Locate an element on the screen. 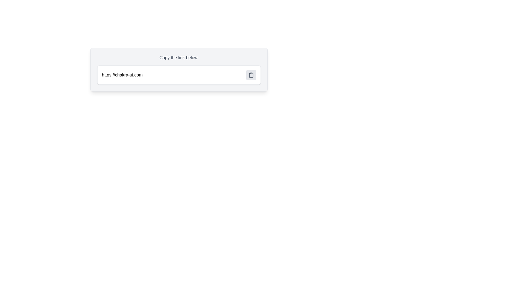 The width and height of the screenshot is (526, 296). the text content displayed as 'https://chakra-ui.com' in the Text Display element, which is positioned centrally between an icon on the left and a button on the right is located at coordinates (122, 75).